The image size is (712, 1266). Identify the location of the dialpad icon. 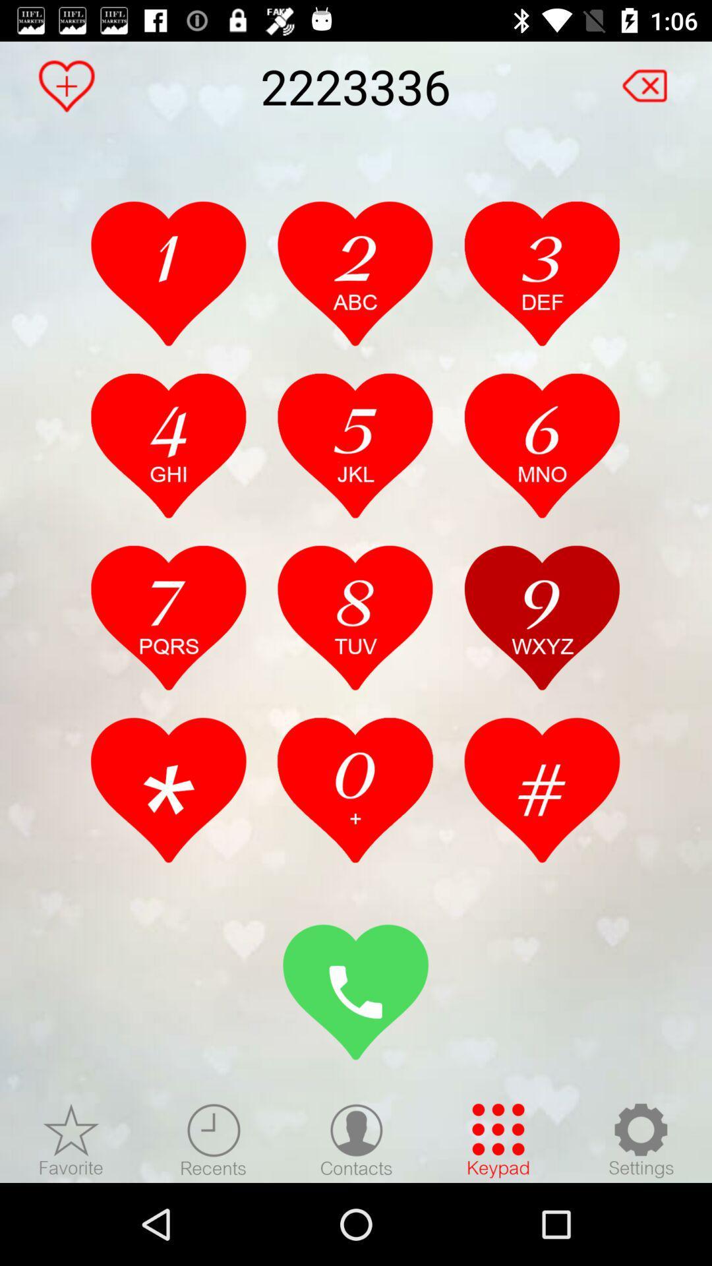
(498, 1139).